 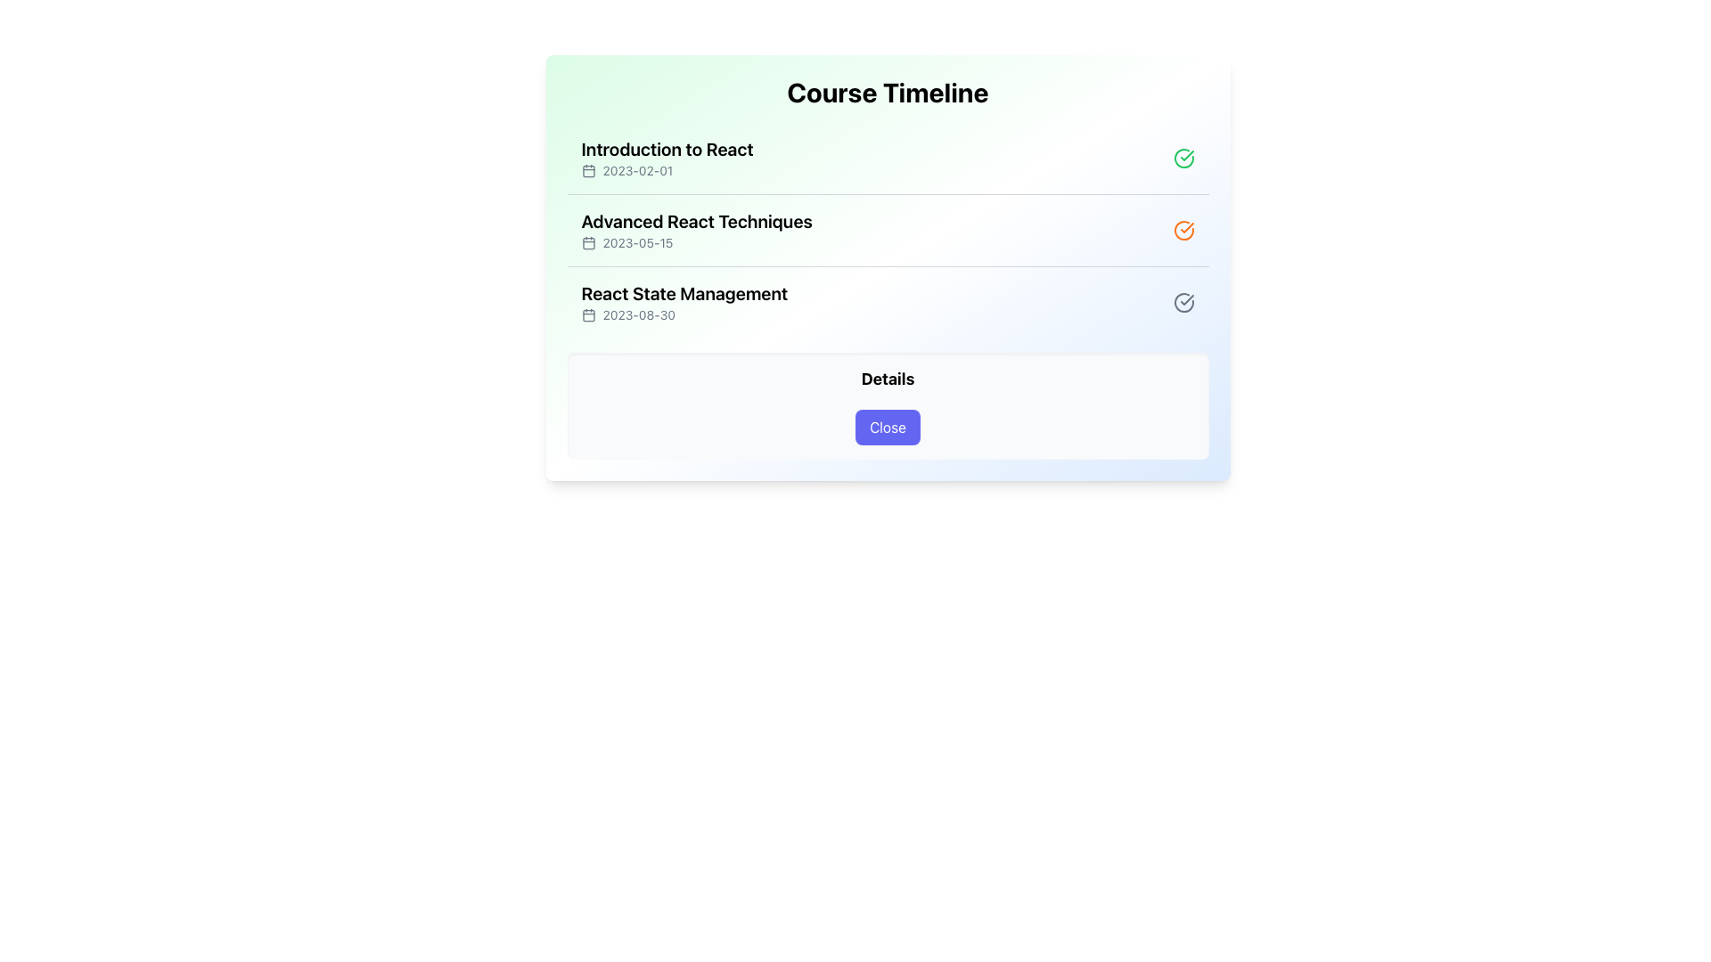 I want to click on the text label that serves as the title of the educational module located on the third row of the timeline, above the date '2023-08-30' and to the right of the calendar icon, so click(x=684, y=293).